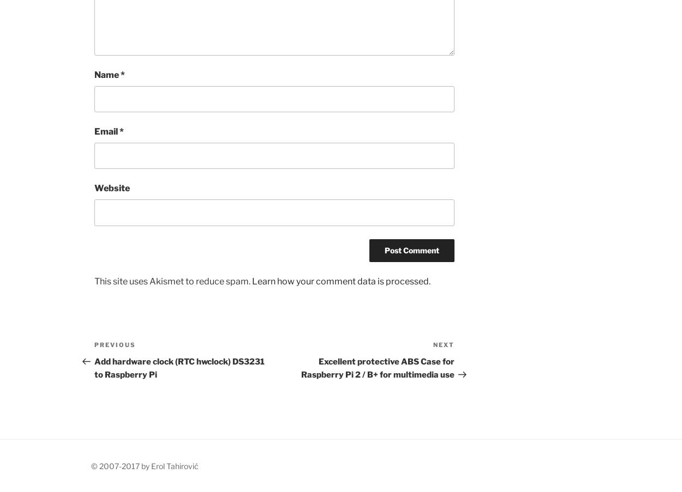 The image size is (682, 492). Describe the element at coordinates (115, 344) in the screenshot. I see `'Previous'` at that location.